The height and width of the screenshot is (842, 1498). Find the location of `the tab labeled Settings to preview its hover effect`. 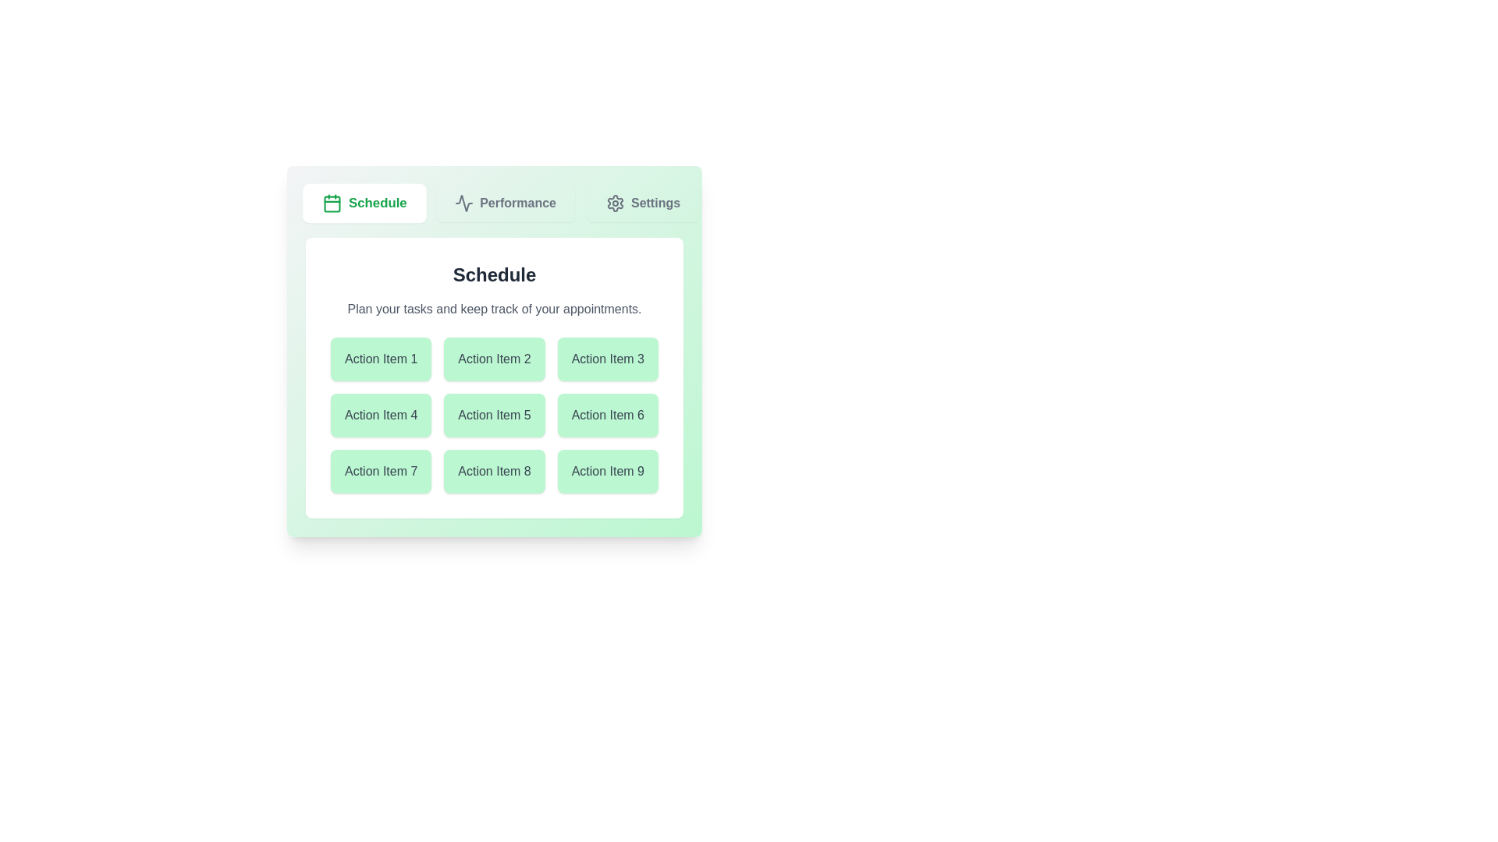

the tab labeled Settings to preview its hover effect is located at coordinates (643, 203).